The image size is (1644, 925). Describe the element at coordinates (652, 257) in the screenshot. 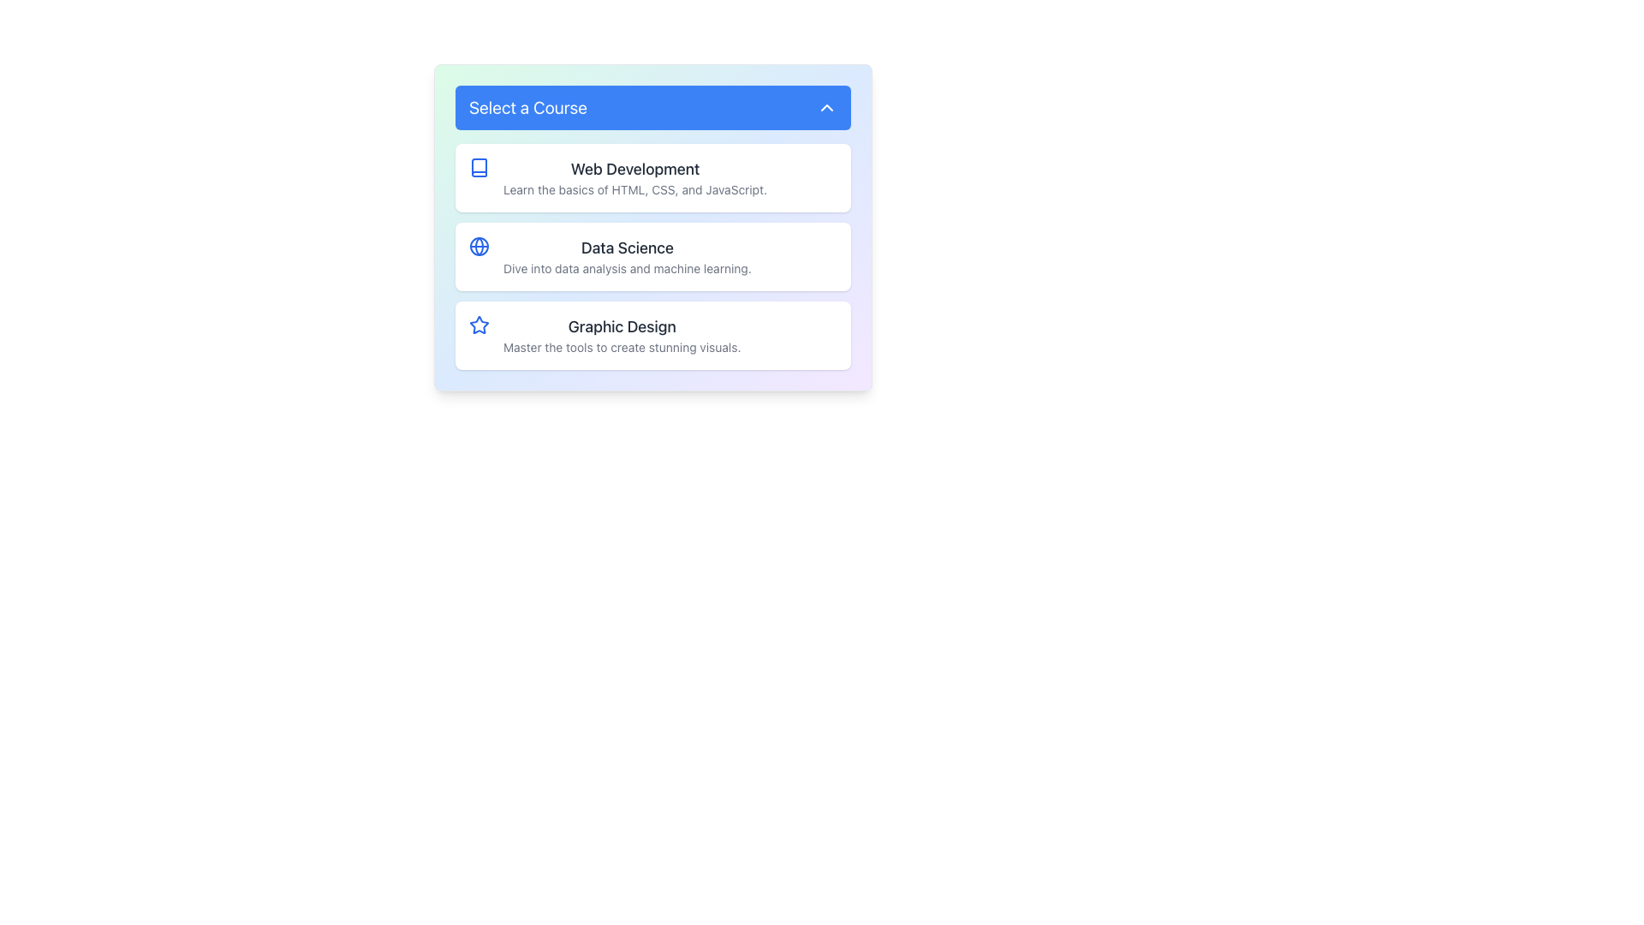

I see `the 'Data Science' selectable list item` at that location.